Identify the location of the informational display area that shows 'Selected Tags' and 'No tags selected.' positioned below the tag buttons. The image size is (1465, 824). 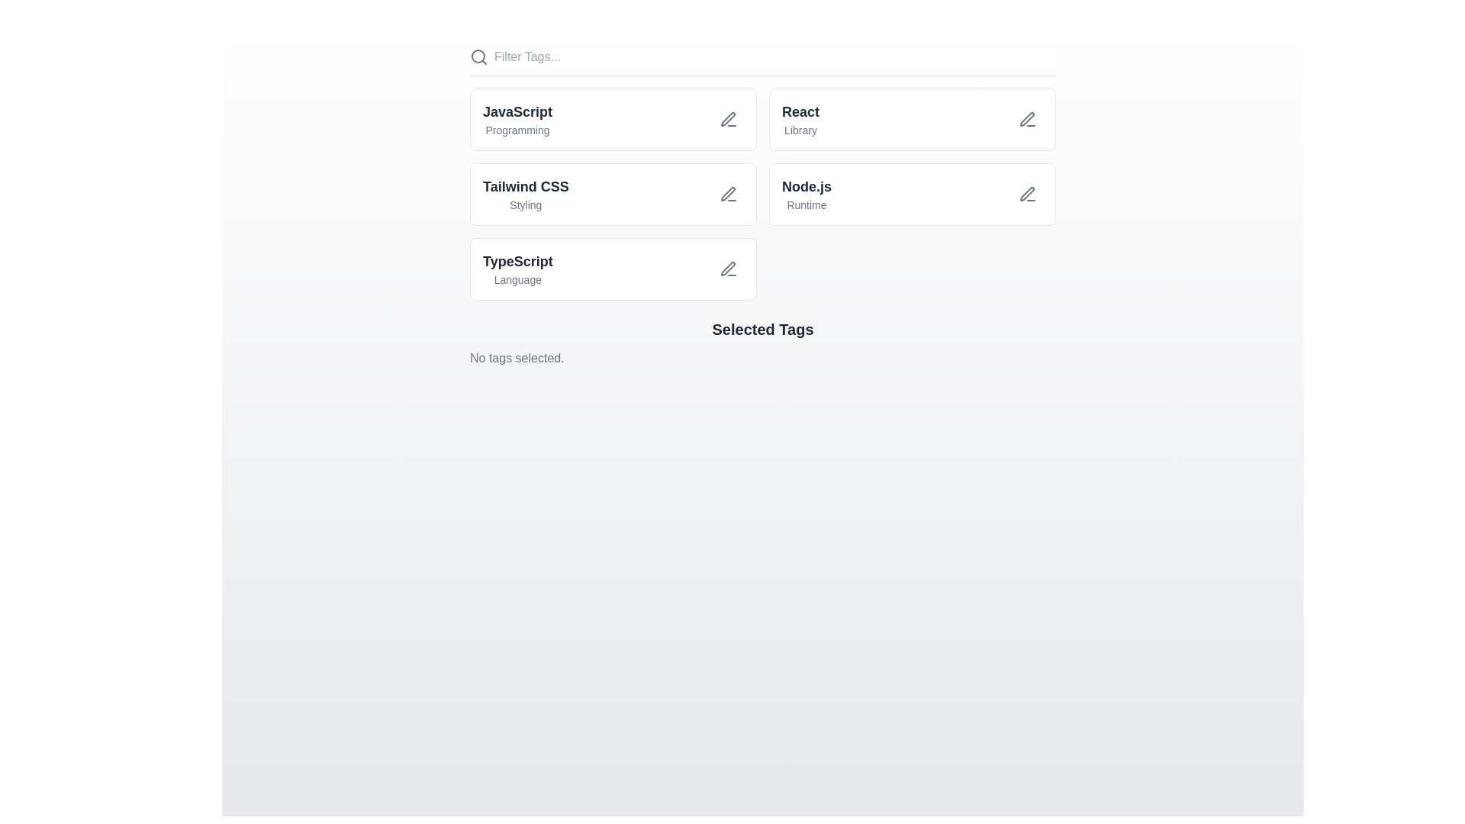
(762, 343).